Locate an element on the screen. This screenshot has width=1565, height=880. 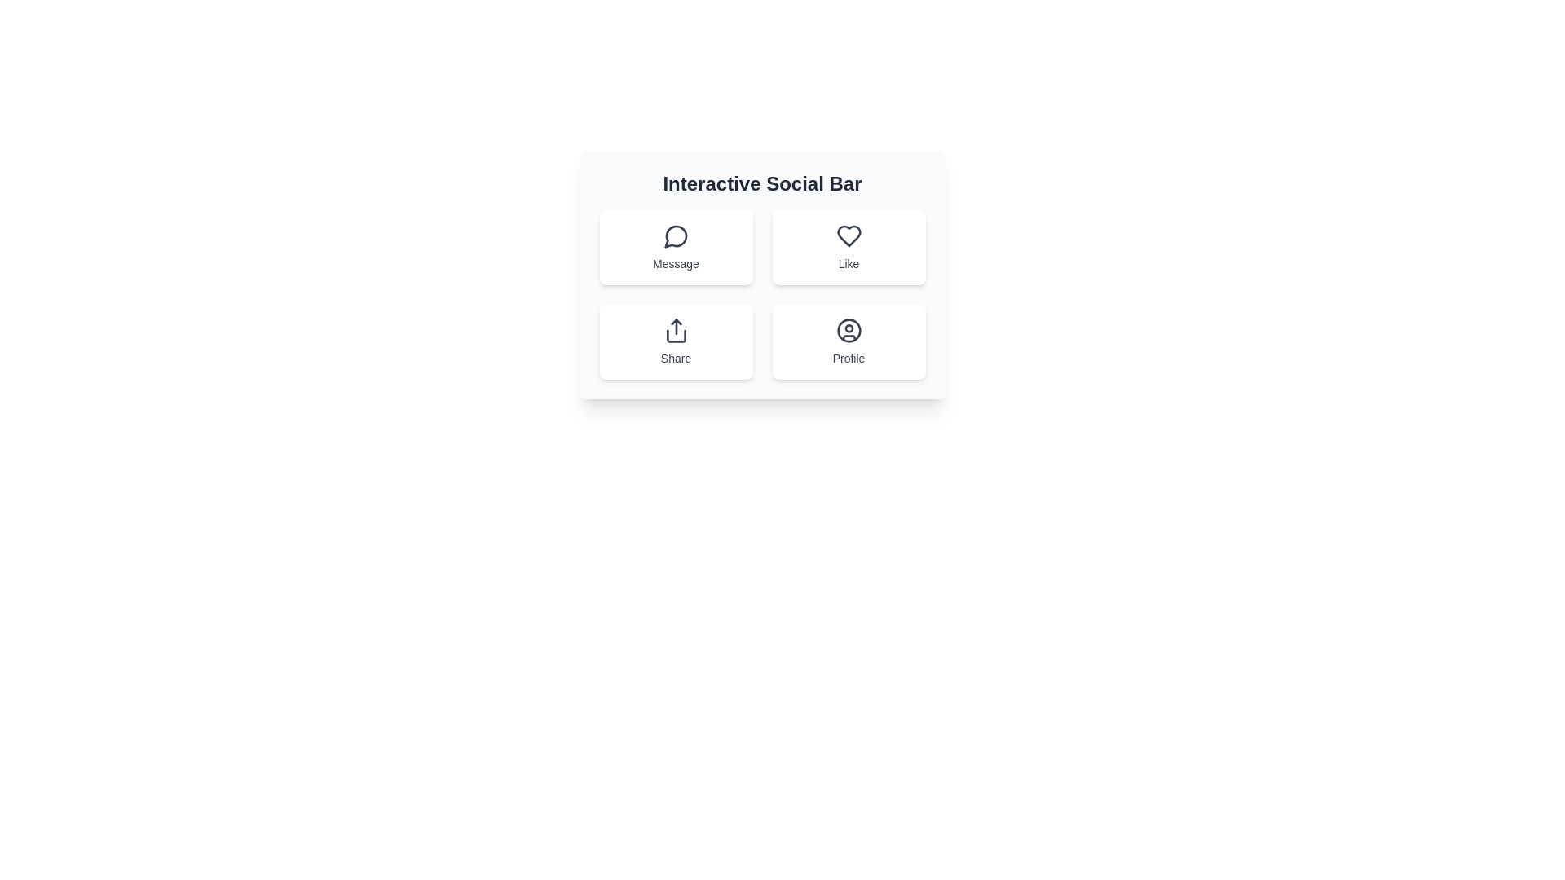
the curved line forming a rectangular arc of the share icon in the interactive toolbar is located at coordinates (676, 335).